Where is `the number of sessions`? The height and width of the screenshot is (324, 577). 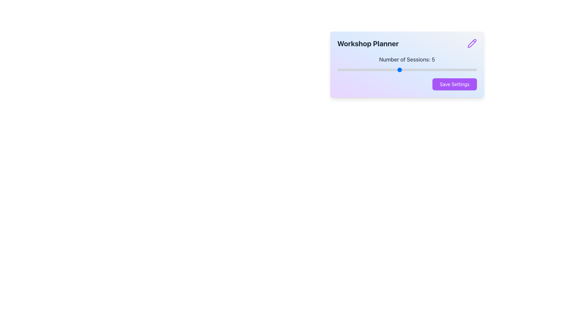
the number of sessions is located at coordinates (383, 69).